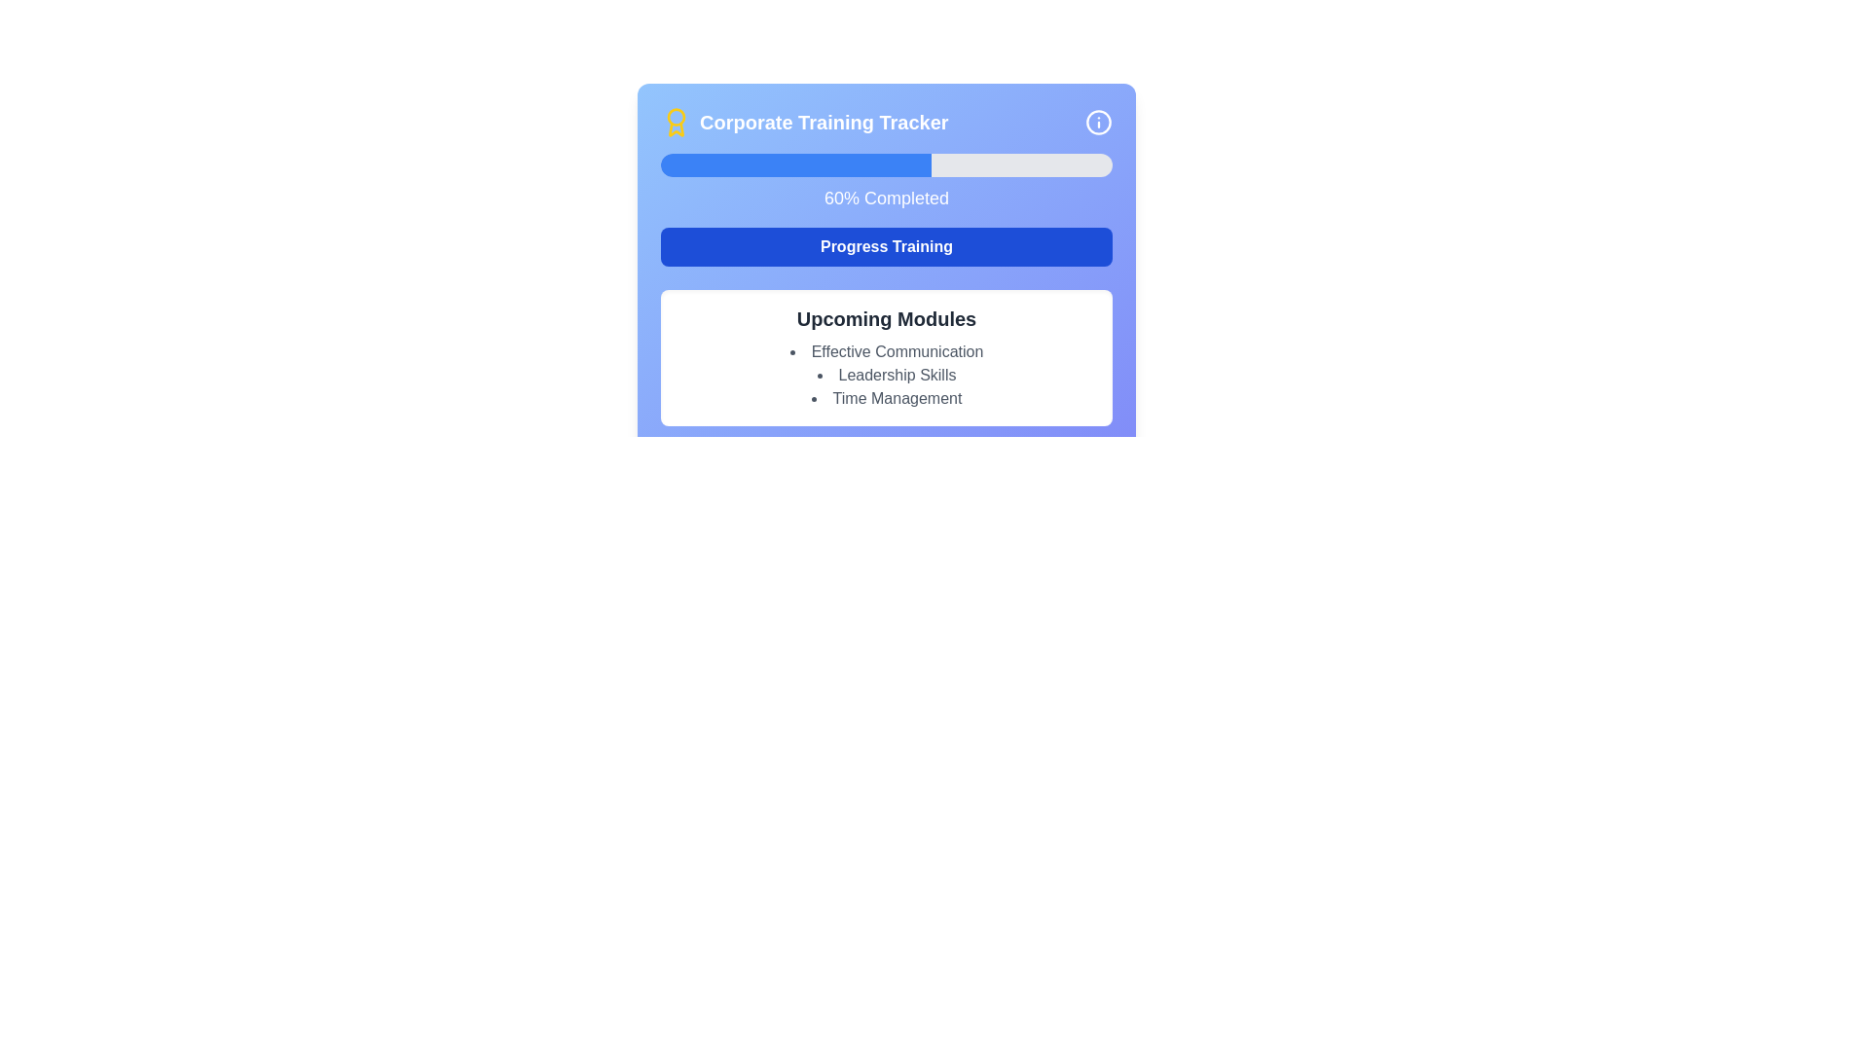 This screenshot has width=1869, height=1051. I want to click on the blue progress indicator bar, which is part of the 'Corporate Training Tracker', indicating 60% completion, so click(796, 163).